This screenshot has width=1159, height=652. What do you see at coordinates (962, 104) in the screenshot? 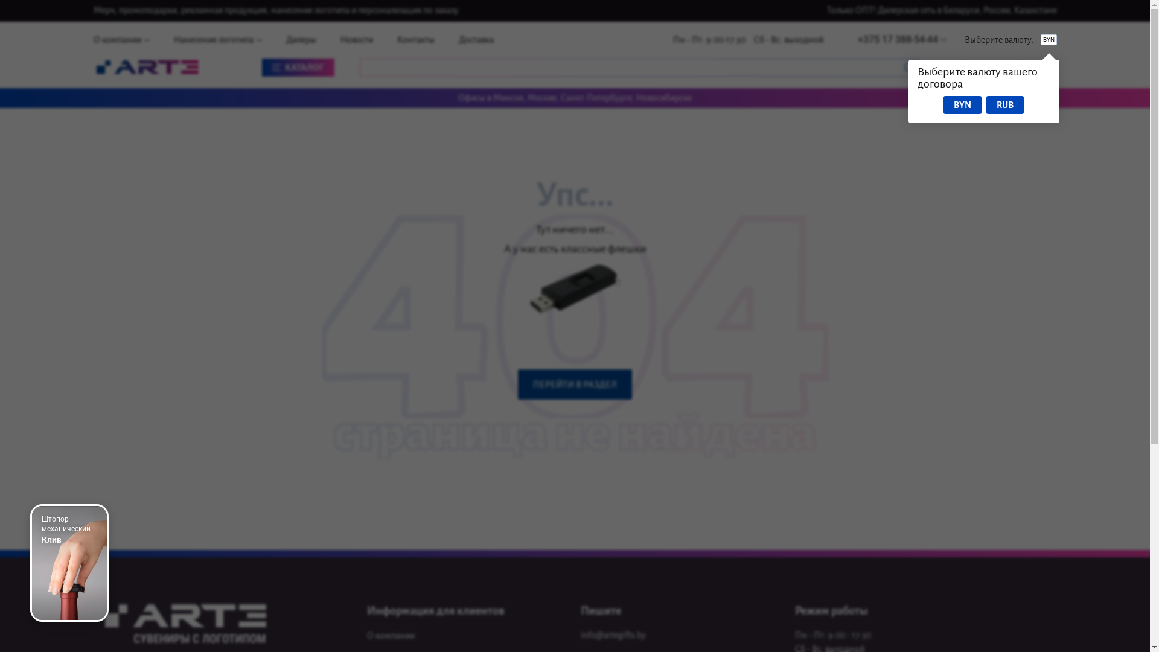
I see `'BYN'` at bounding box center [962, 104].